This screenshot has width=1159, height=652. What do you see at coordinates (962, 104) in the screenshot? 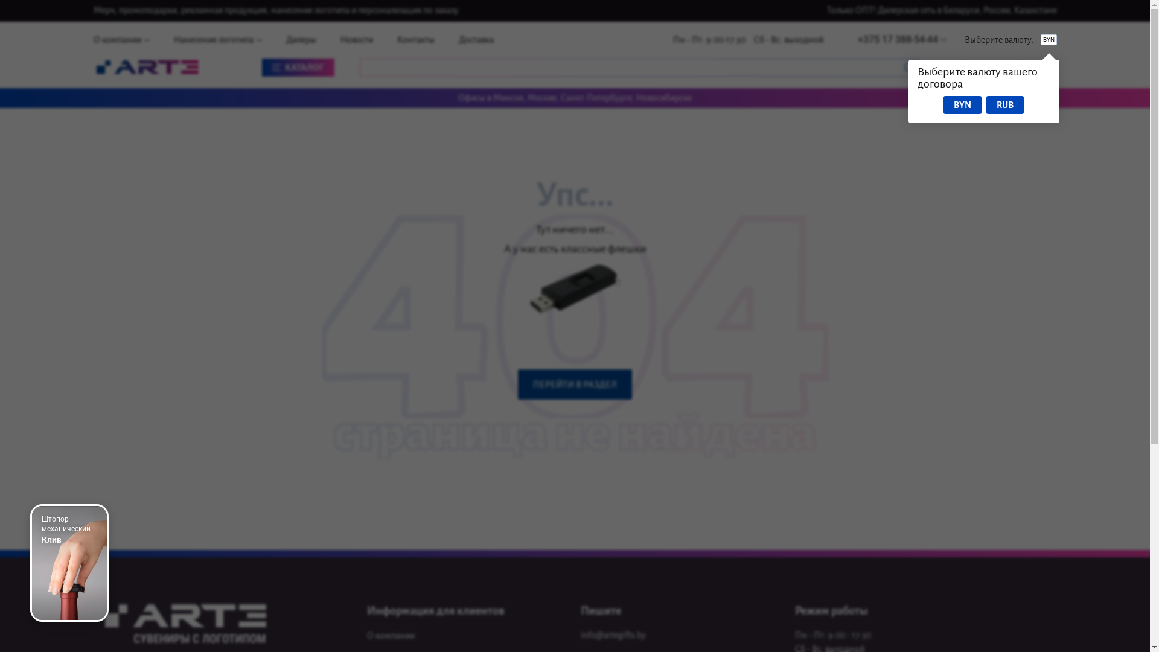
I see `'BYN'` at bounding box center [962, 104].